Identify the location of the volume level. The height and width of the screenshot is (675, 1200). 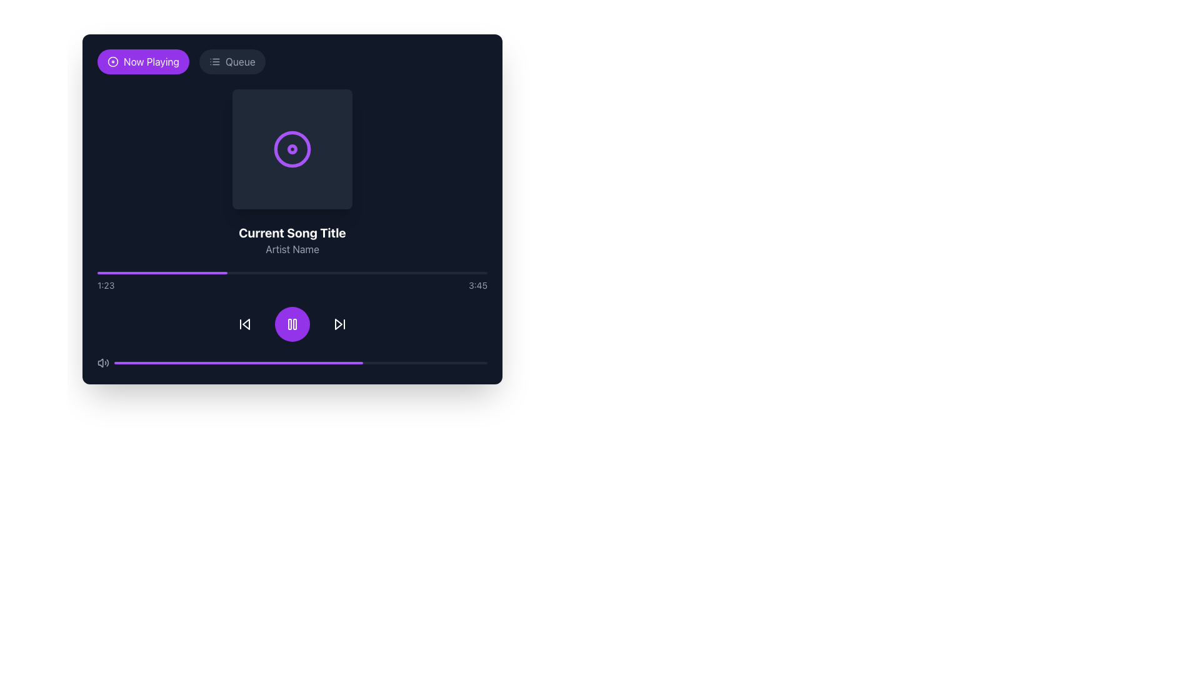
(181, 363).